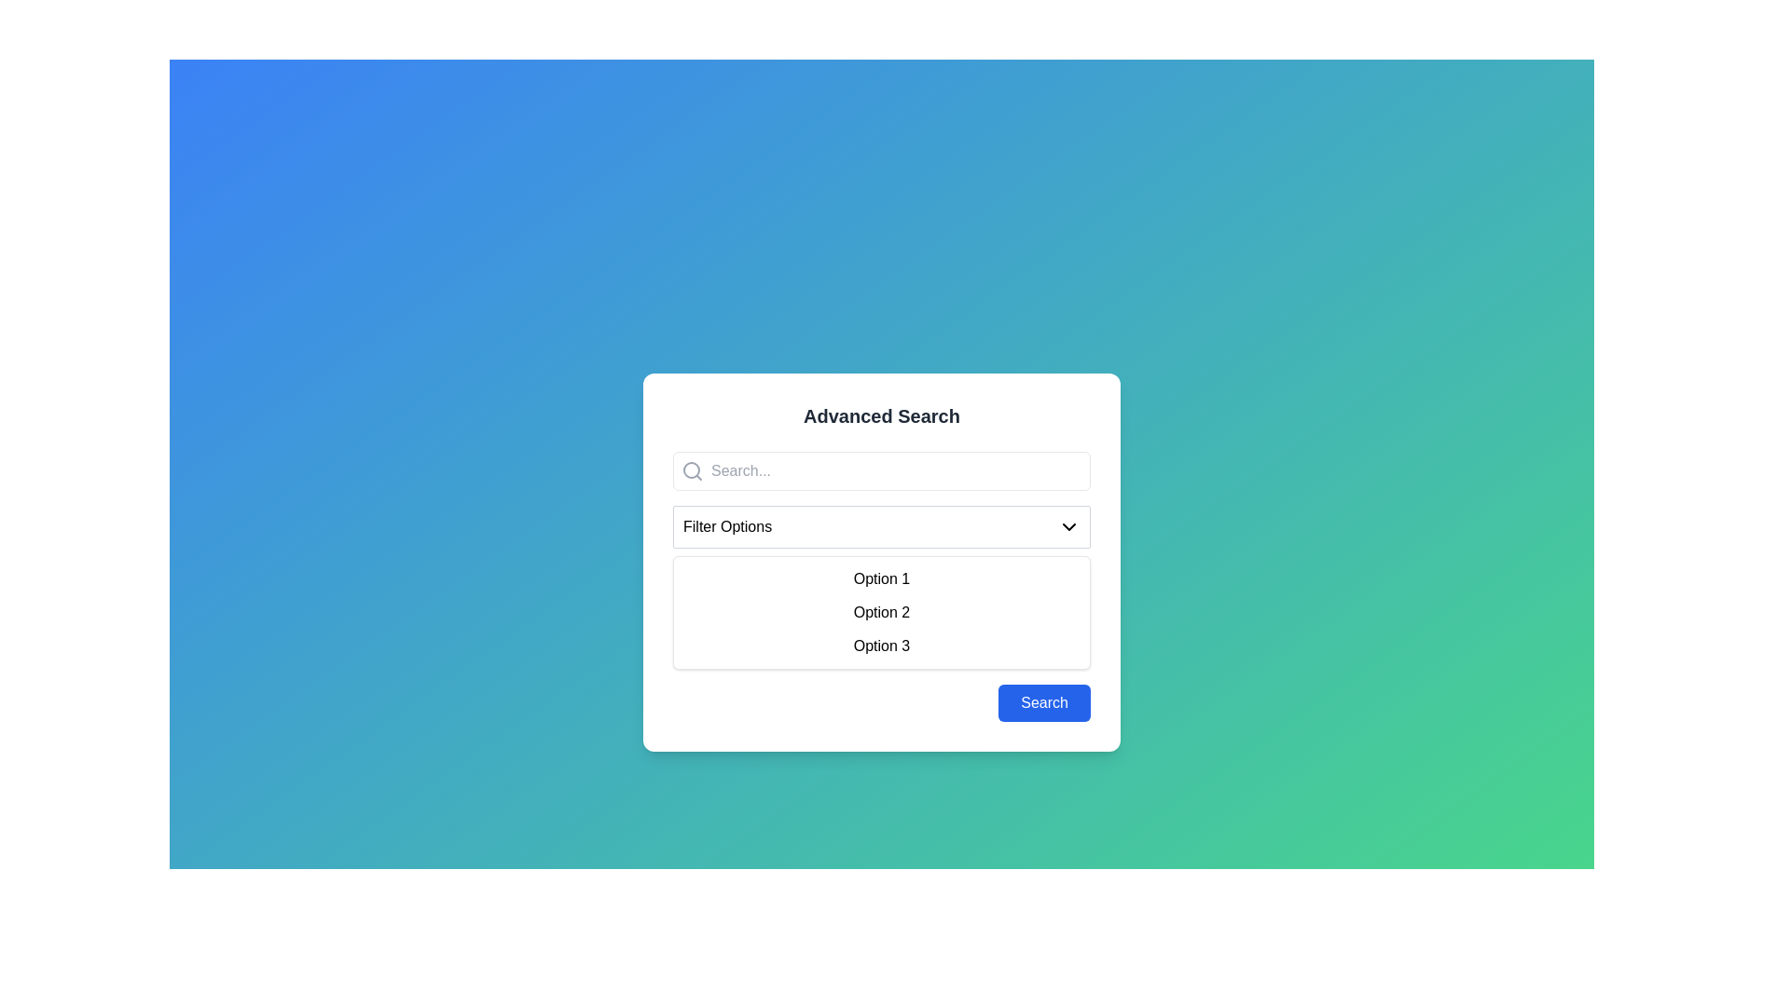 This screenshot has width=1790, height=1006. I want to click on the 'Search' button located at the bottom-right corner of the form in the dialog box to initiate the search, so click(1044, 703).